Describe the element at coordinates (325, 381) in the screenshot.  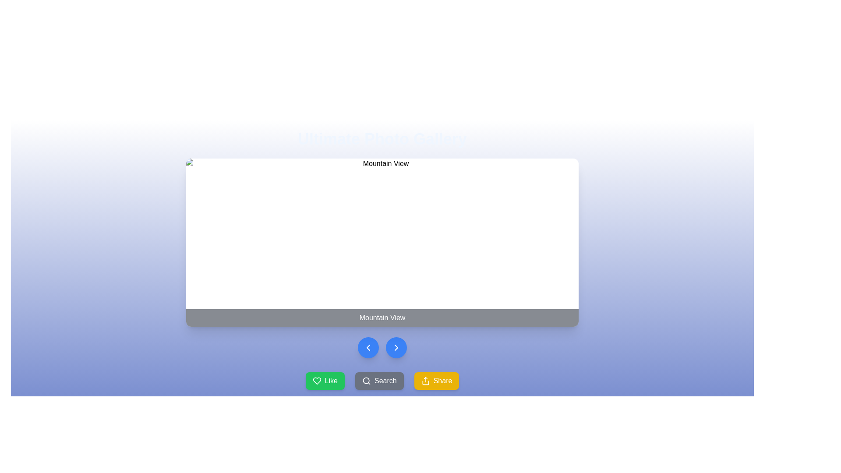
I see `the 'Like' button with a bright green background and white heart icon for visual feedback indicating interactivity` at that location.